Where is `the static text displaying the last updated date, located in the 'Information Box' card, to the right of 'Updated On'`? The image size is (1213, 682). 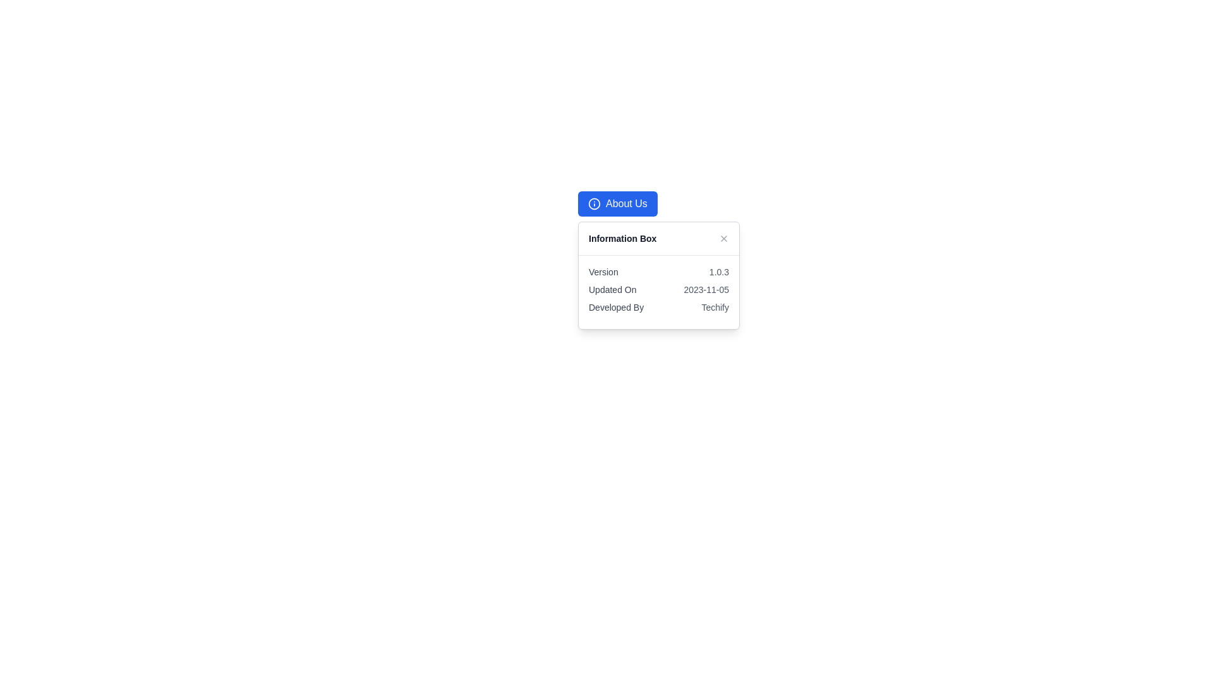 the static text displaying the last updated date, located in the 'Information Box' card, to the right of 'Updated On' is located at coordinates (706, 290).